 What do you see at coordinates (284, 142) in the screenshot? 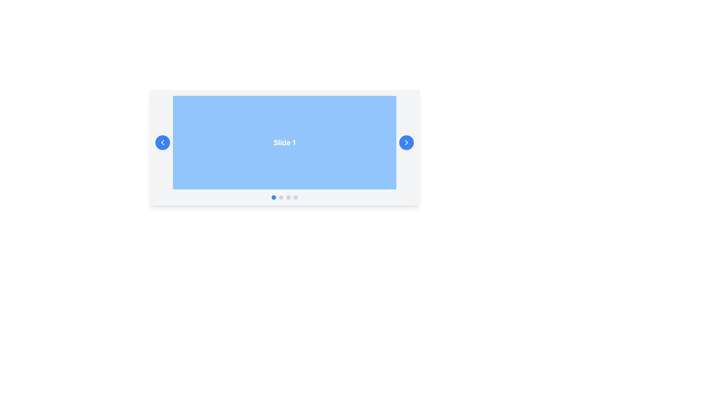
I see `the Content Display Area that has a light blue background and prominently displays the text 'Slide 1' in bold white, located at the center of the carousel` at bounding box center [284, 142].